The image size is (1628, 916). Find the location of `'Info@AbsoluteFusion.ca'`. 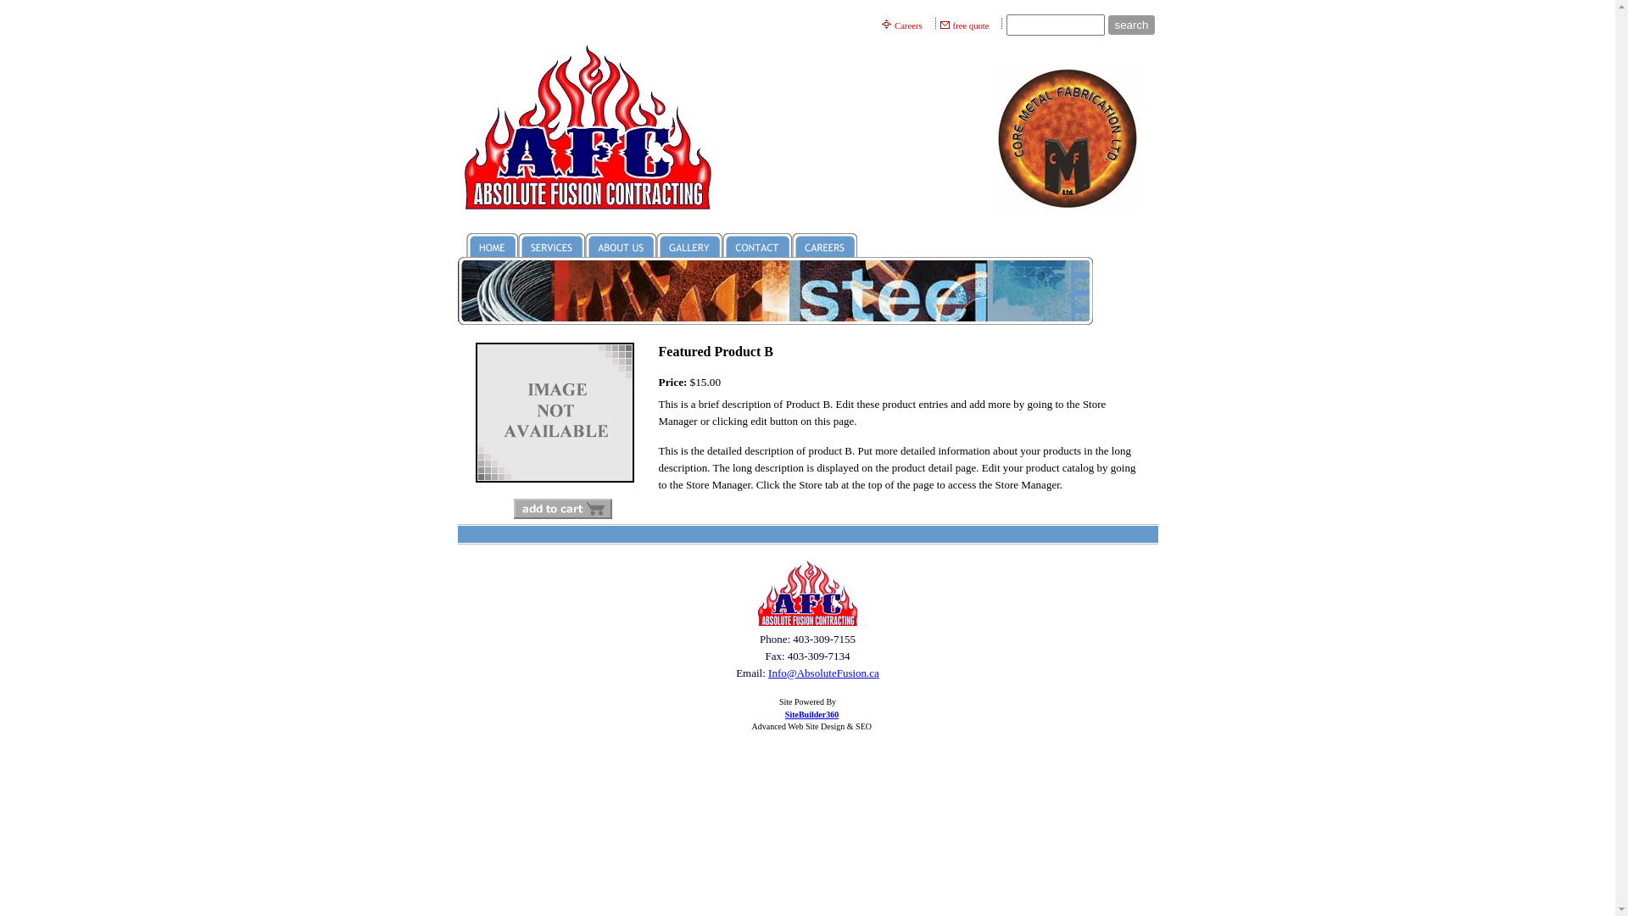

'Info@AbsoluteFusion.ca' is located at coordinates (767, 672).